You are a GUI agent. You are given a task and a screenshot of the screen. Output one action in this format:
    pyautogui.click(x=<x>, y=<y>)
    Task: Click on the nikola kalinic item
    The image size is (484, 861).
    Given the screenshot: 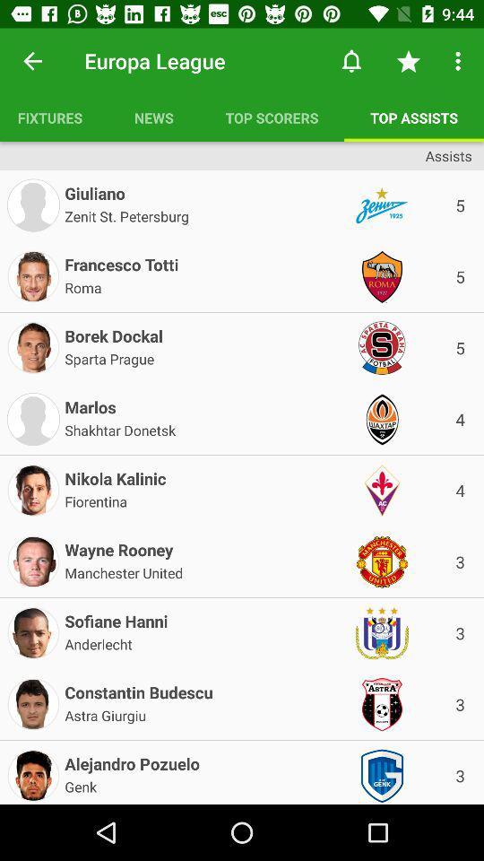 What is the action you would take?
    pyautogui.click(x=116, y=474)
    